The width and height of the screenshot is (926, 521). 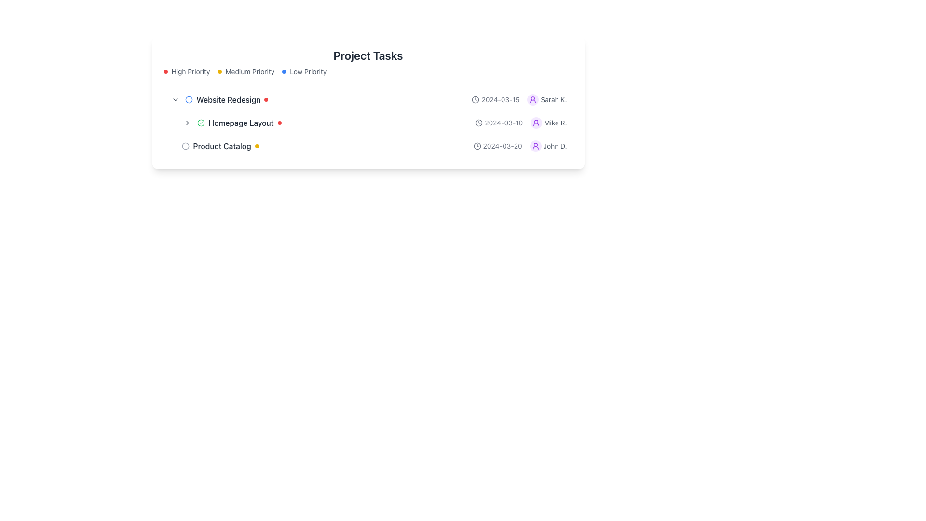 I want to click on the third row task item, so click(x=374, y=146).